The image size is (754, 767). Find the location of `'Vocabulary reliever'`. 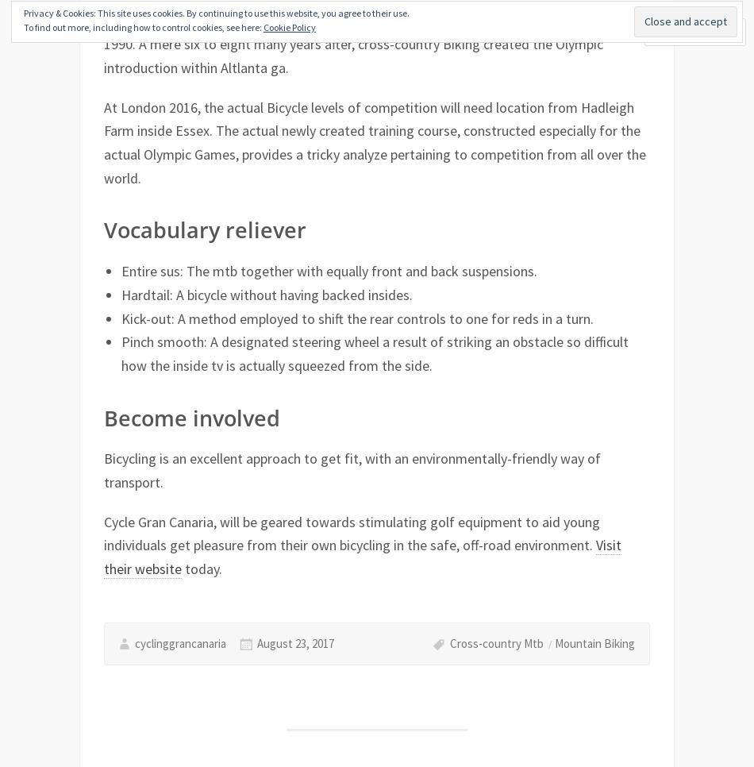

'Vocabulary reliever' is located at coordinates (104, 229).